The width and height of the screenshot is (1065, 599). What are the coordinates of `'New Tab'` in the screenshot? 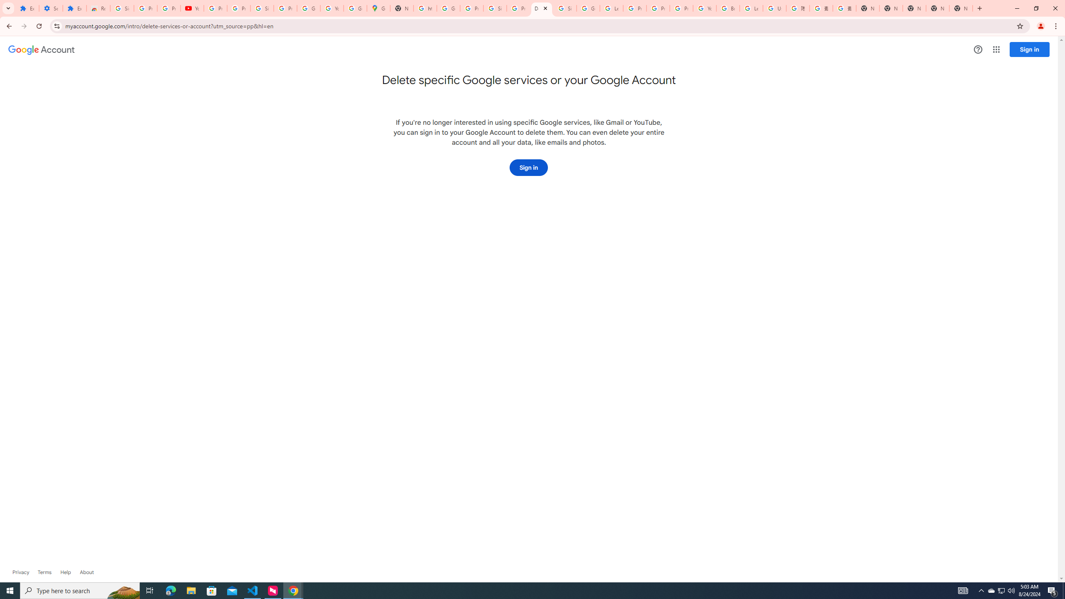 It's located at (961, 8).